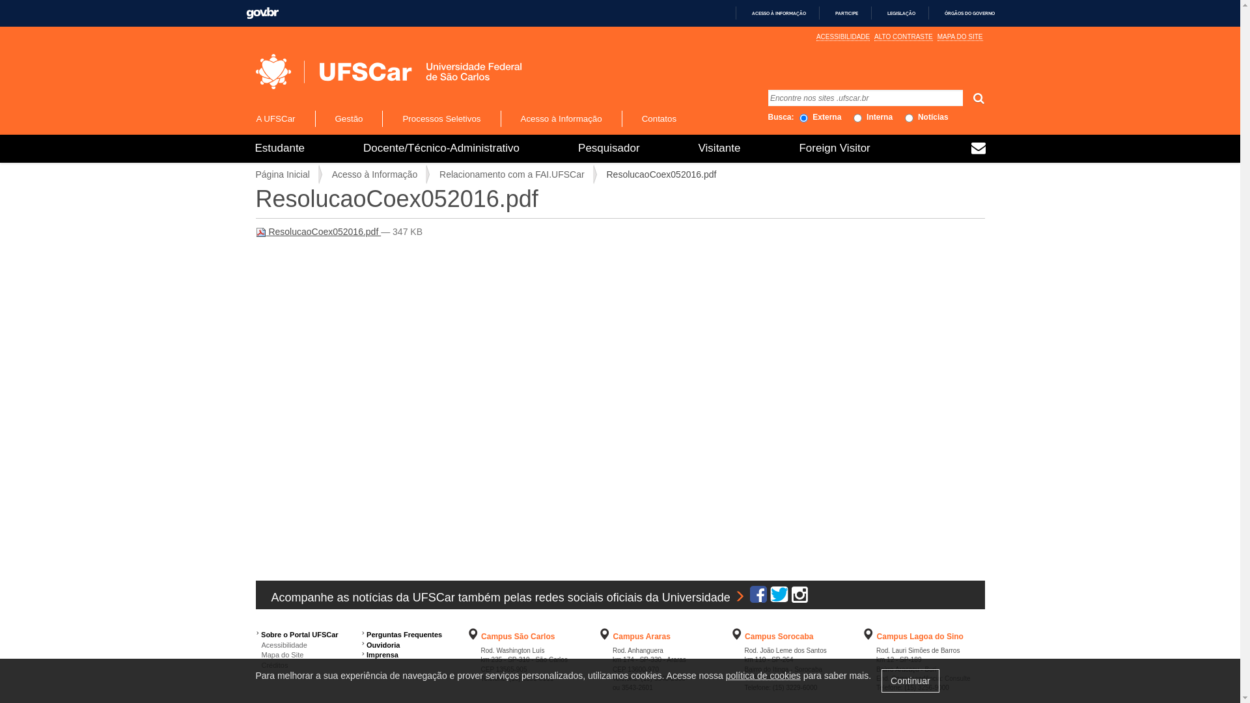 The height and width of the screenshot is (703, 1250). I want to click on 'A UFSCar', so click(283, 118).